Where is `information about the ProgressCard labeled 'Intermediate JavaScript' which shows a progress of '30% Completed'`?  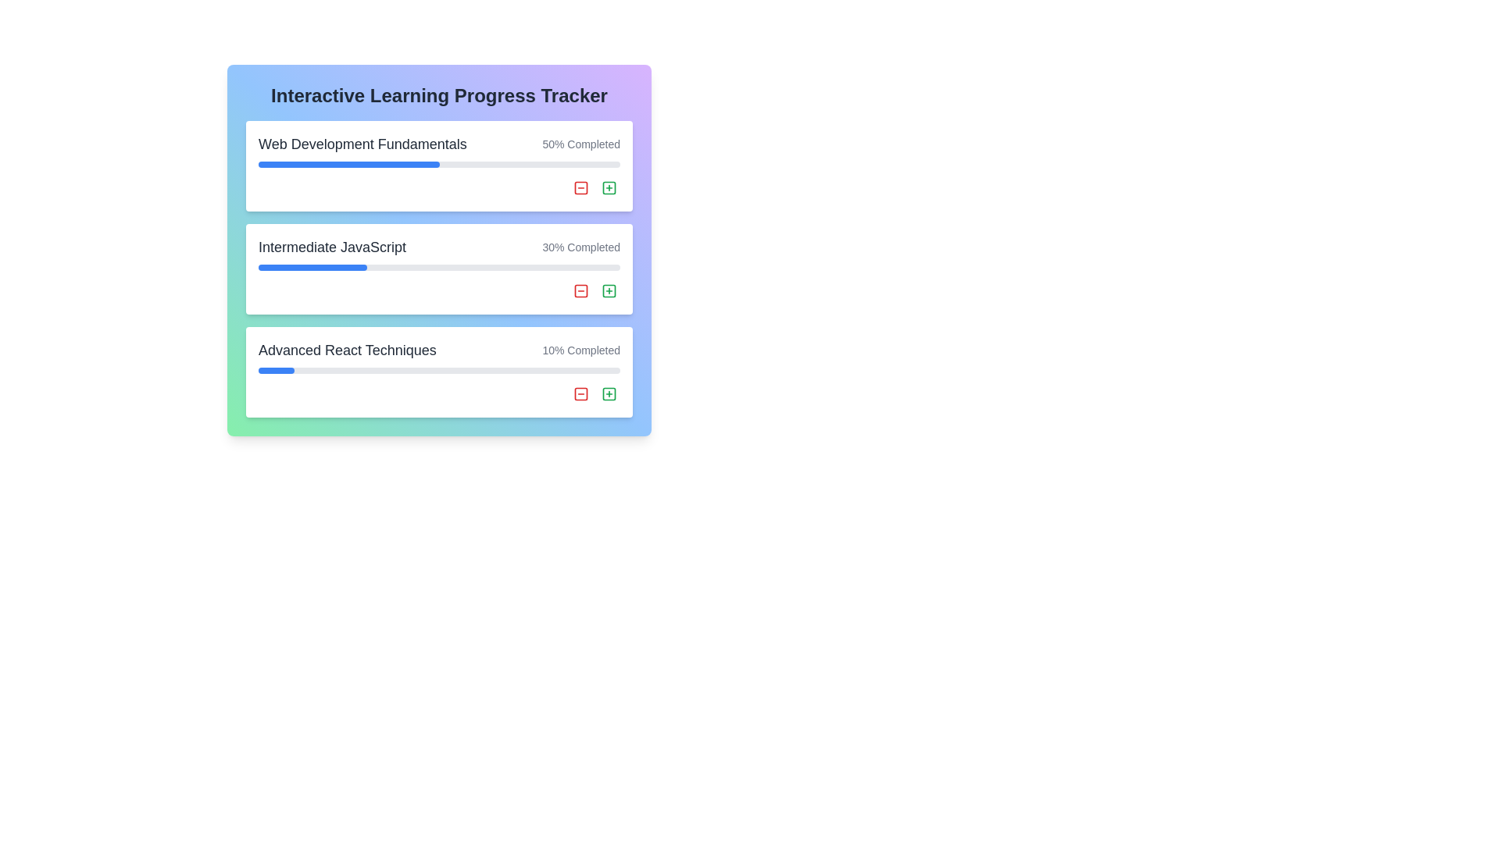
information about the ProgressCard labeled 'Intermediate JavaScript' which shows a progress of '30% Completed' is located at coordinates (438, 249).